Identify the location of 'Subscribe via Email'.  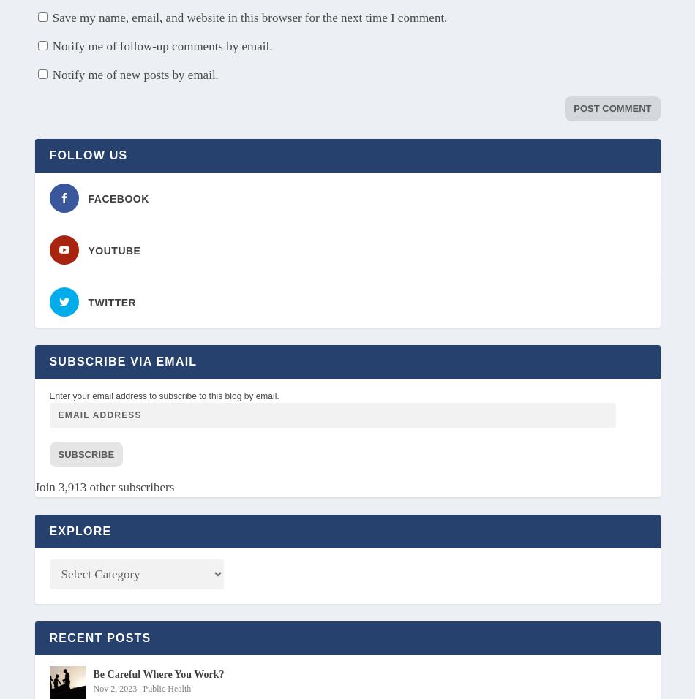
(122, 360).